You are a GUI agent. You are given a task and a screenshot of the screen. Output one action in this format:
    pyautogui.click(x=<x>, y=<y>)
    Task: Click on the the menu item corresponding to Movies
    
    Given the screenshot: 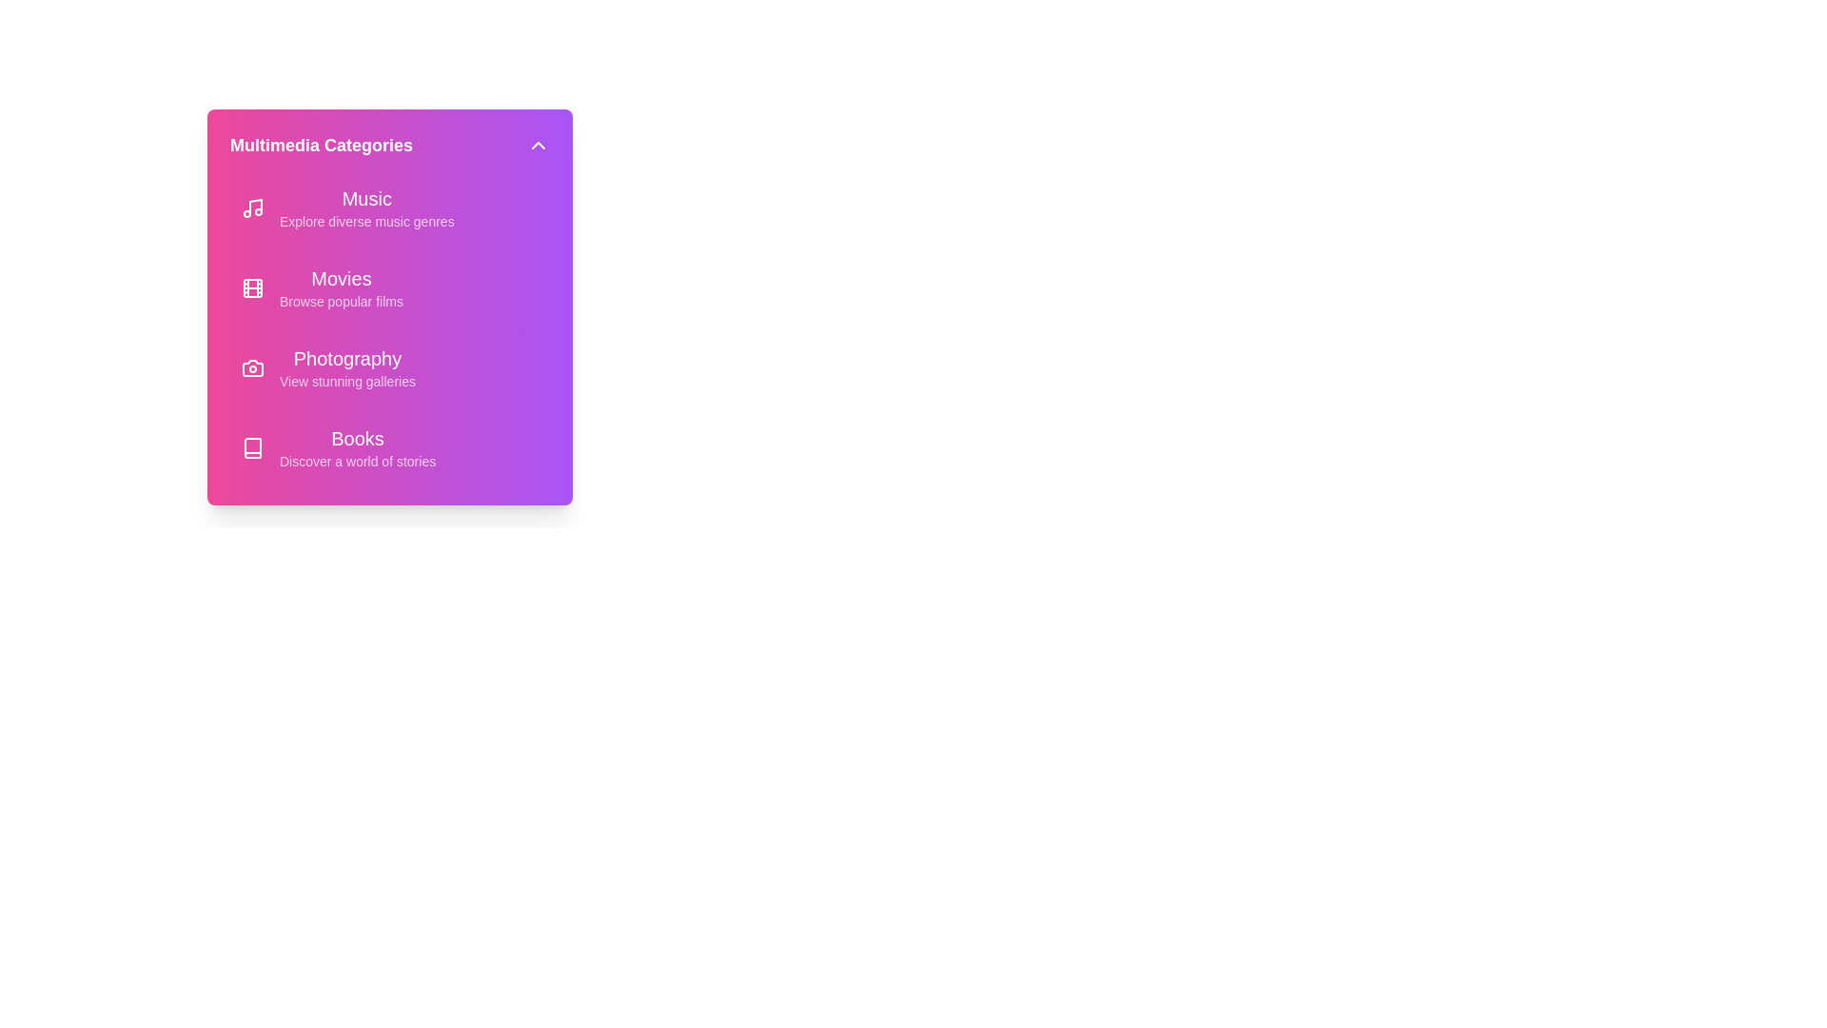 What is the action you would take?
    pyautogui.click(x=388, y=288)
    